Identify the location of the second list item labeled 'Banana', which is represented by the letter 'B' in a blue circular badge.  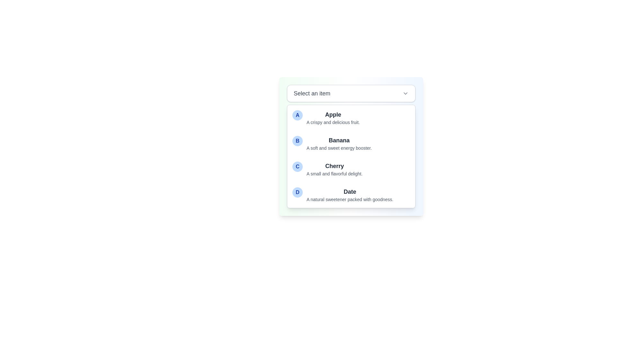
(351, 150).